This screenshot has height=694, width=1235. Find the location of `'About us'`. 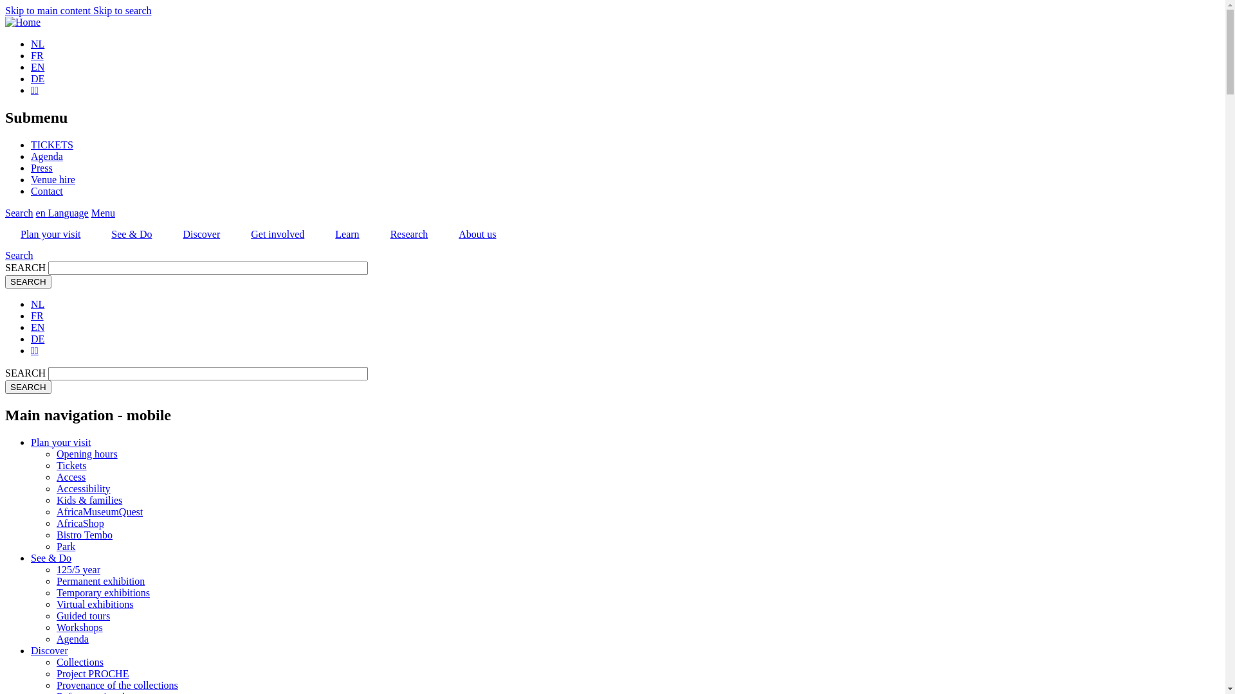

'About us' is located at coordinates (477, 235).